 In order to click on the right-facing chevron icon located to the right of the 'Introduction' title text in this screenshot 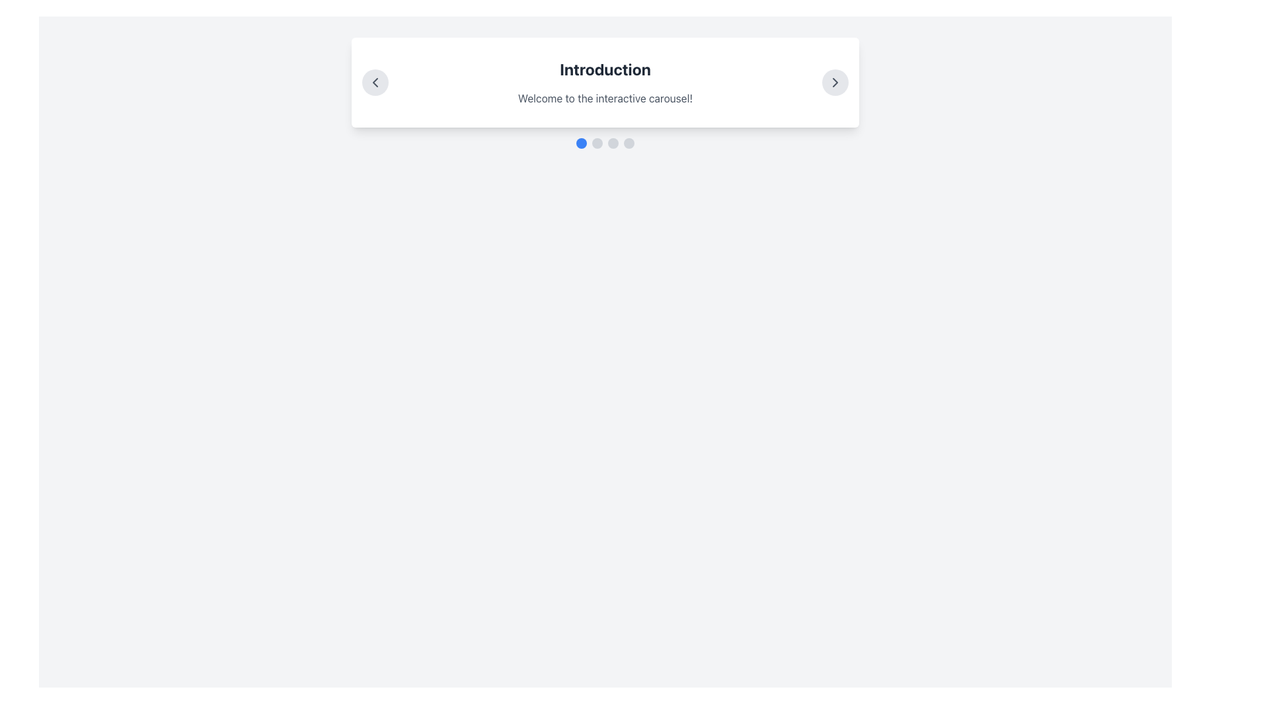, I will do `click(834, 82)`.